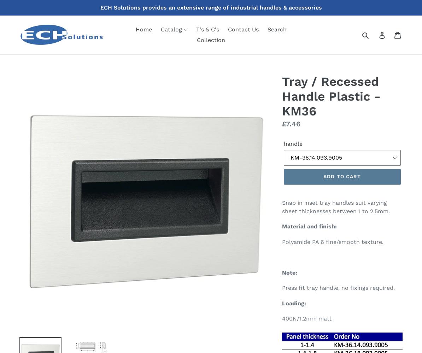  What do you see at coordinates (197, 40) in the screenshot?
I see `'Collection'` at bounding box center [197, 40].